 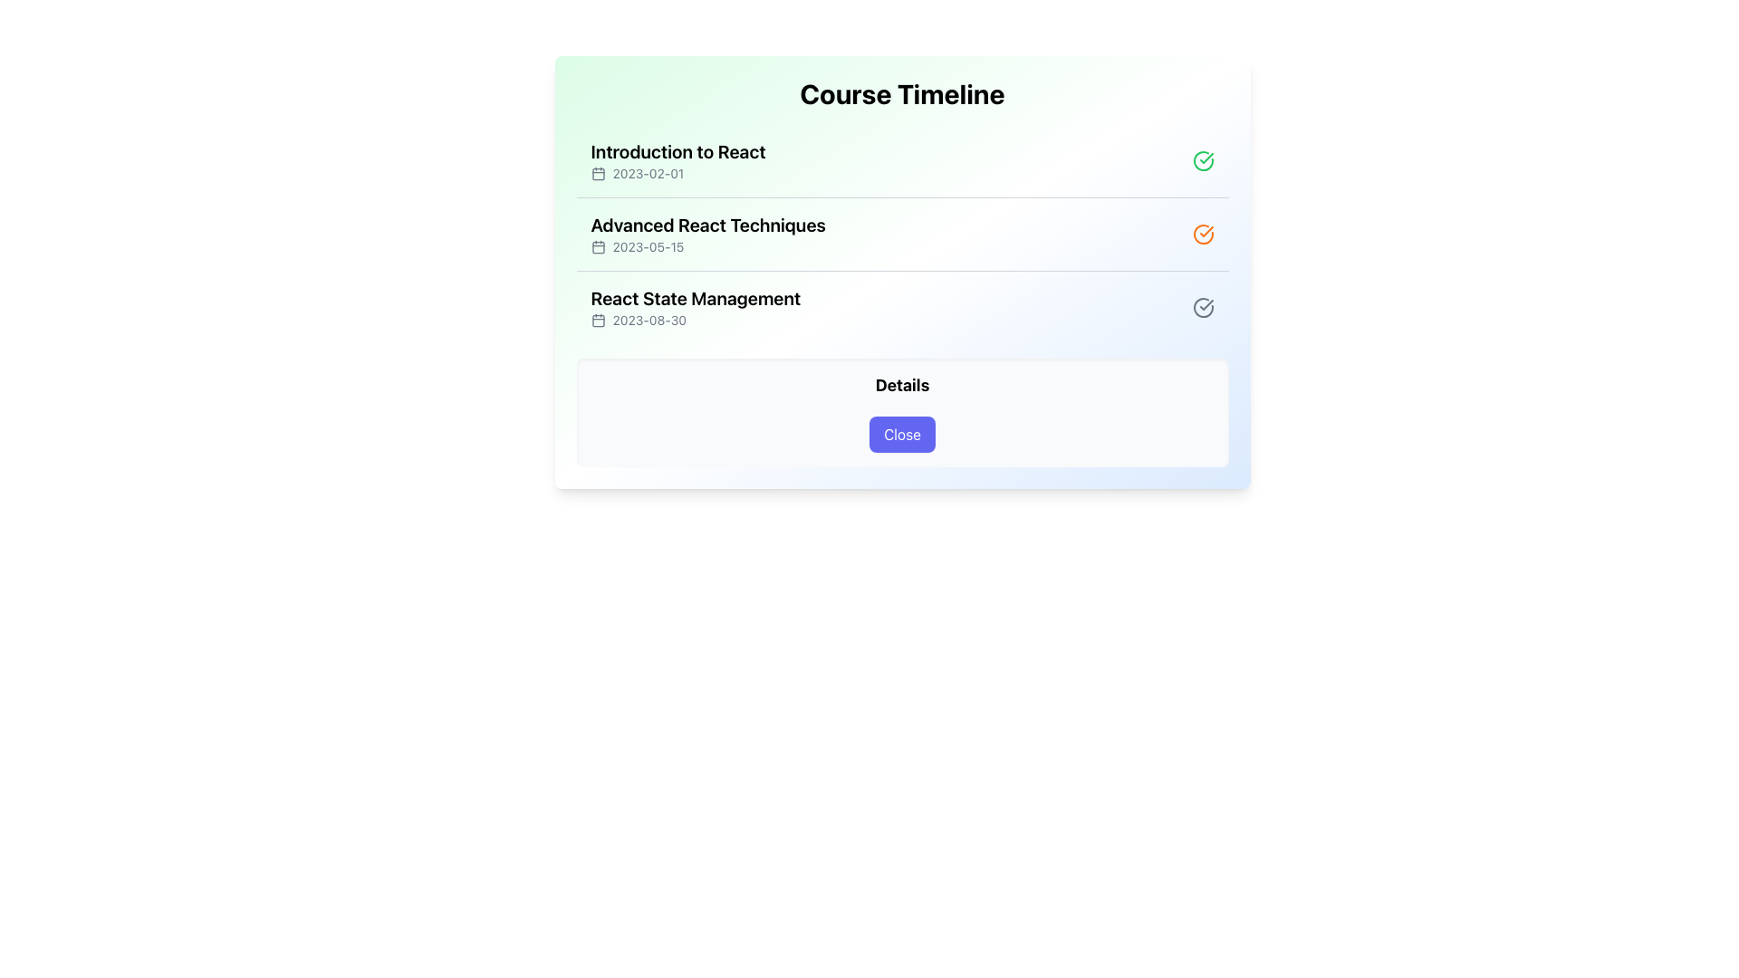 What do you see at coordinates (707, 225) in the screenshot?
I see `the Text Display element that shows the phrase 'Advanced React Techniques', which is located in the second position of the course timeline list` at bounding box center [707, 225].